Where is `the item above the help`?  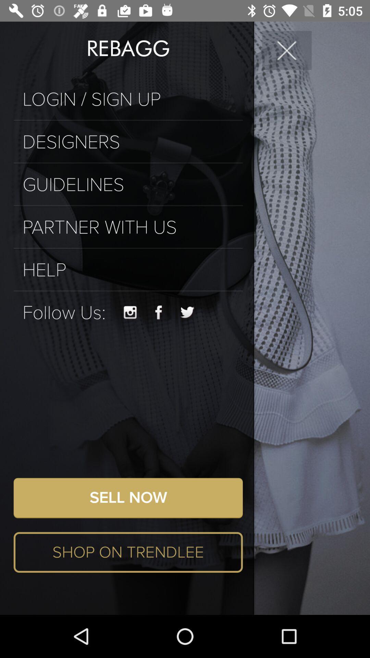
the item above the help is located at coordinates (128, 248).